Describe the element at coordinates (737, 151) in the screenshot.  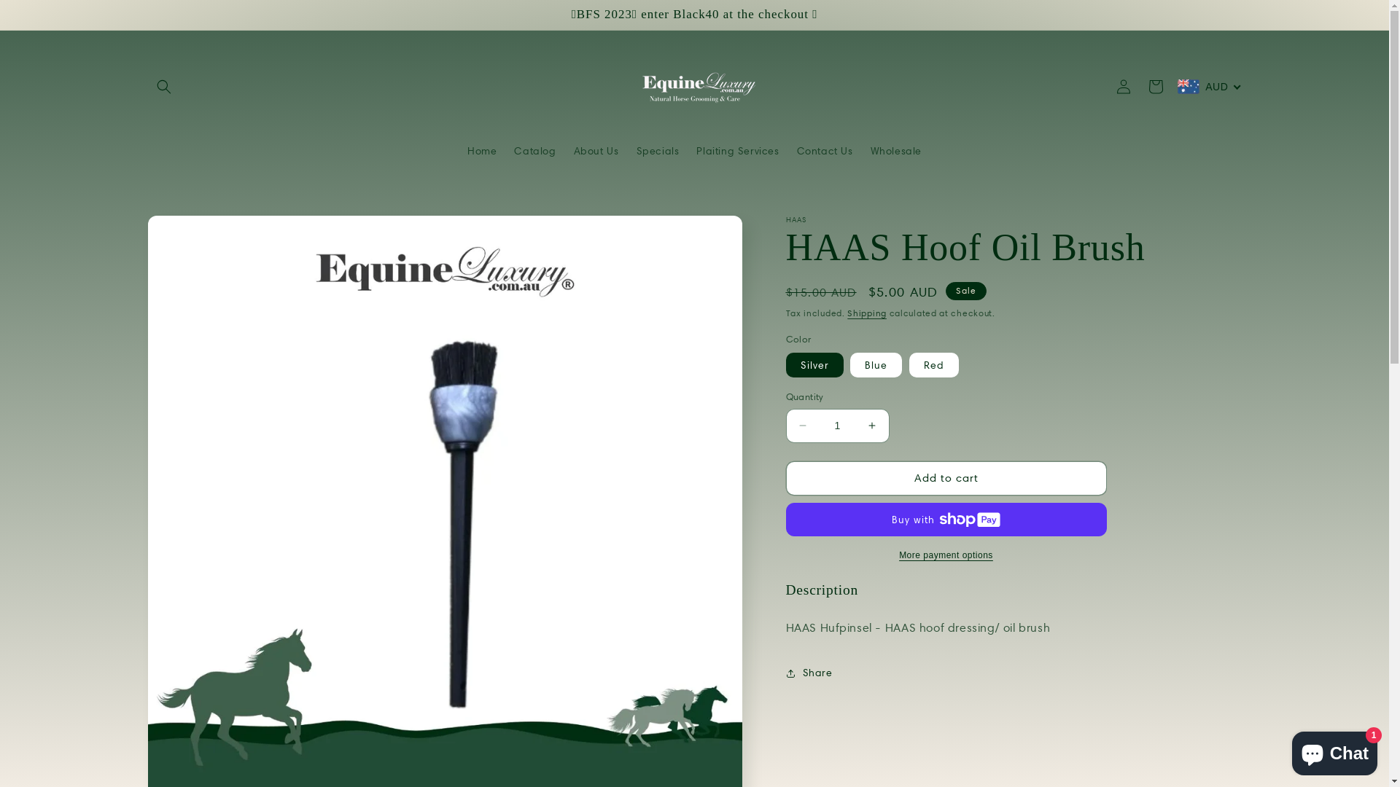
I see `'Plaiting Services'` at that location.